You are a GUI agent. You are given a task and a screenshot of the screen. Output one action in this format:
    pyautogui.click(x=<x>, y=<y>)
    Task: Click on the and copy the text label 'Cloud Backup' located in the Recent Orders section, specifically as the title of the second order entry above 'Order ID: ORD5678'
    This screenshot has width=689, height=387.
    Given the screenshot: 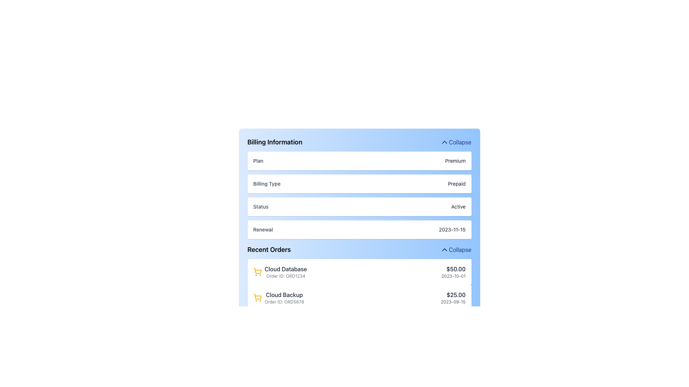 What is the action you would take?
    pyautogui.click(x=284, y=295)
    